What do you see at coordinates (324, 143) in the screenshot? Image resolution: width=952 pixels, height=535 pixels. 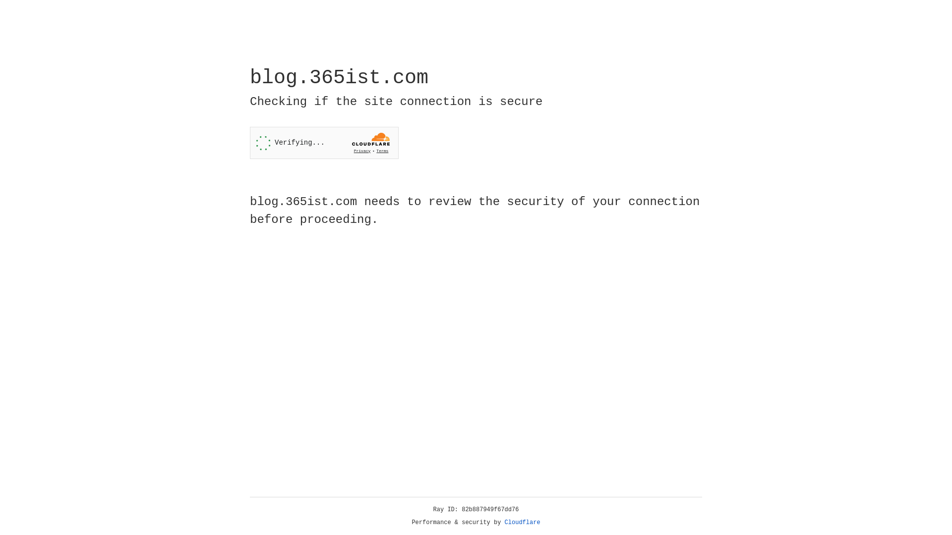 I see `'Widget containing a Cloudflare security challenge'` at bounding box center [324, 143].